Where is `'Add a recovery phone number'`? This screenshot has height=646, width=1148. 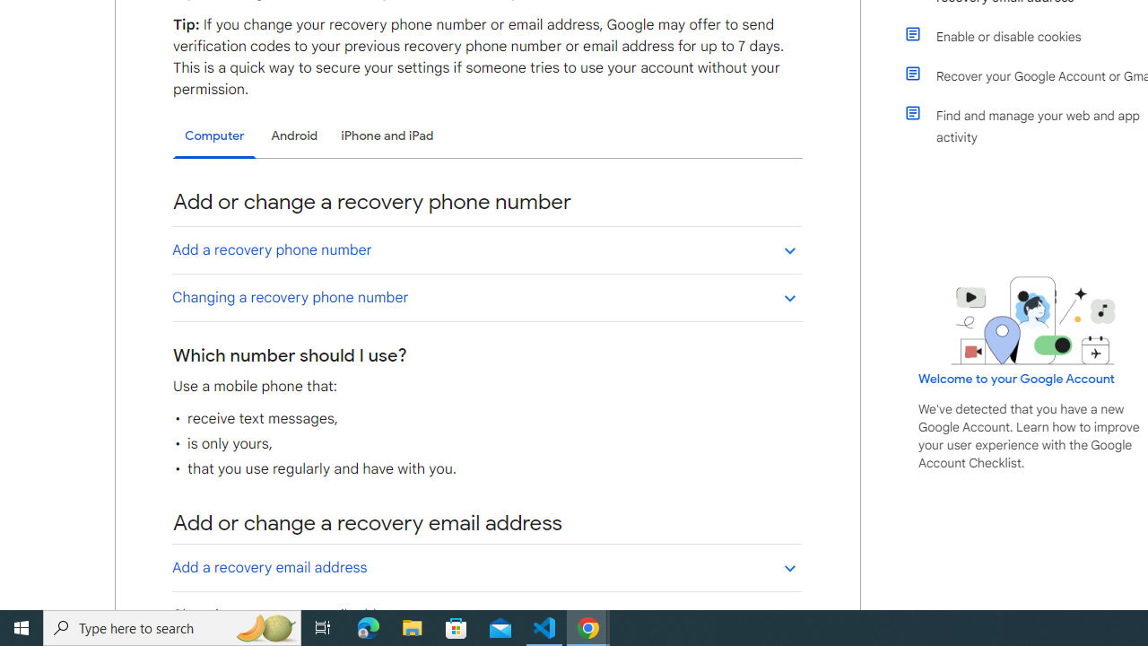 'Add a recovery phone number' is located at coordinates (486, 249).